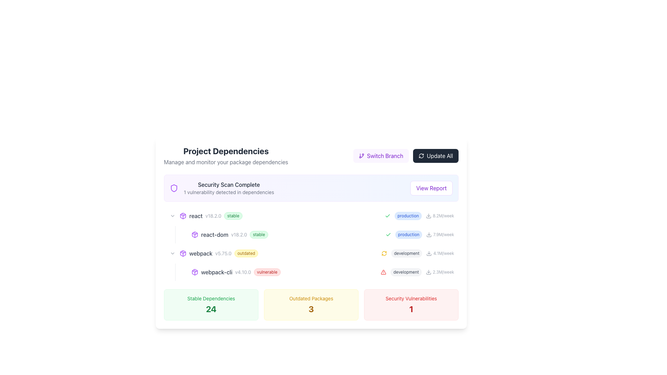 This screenshot has height=375, width=667. I want to click on the 'Switch Branch' button with the purple background and white text by, so click(380, 155).